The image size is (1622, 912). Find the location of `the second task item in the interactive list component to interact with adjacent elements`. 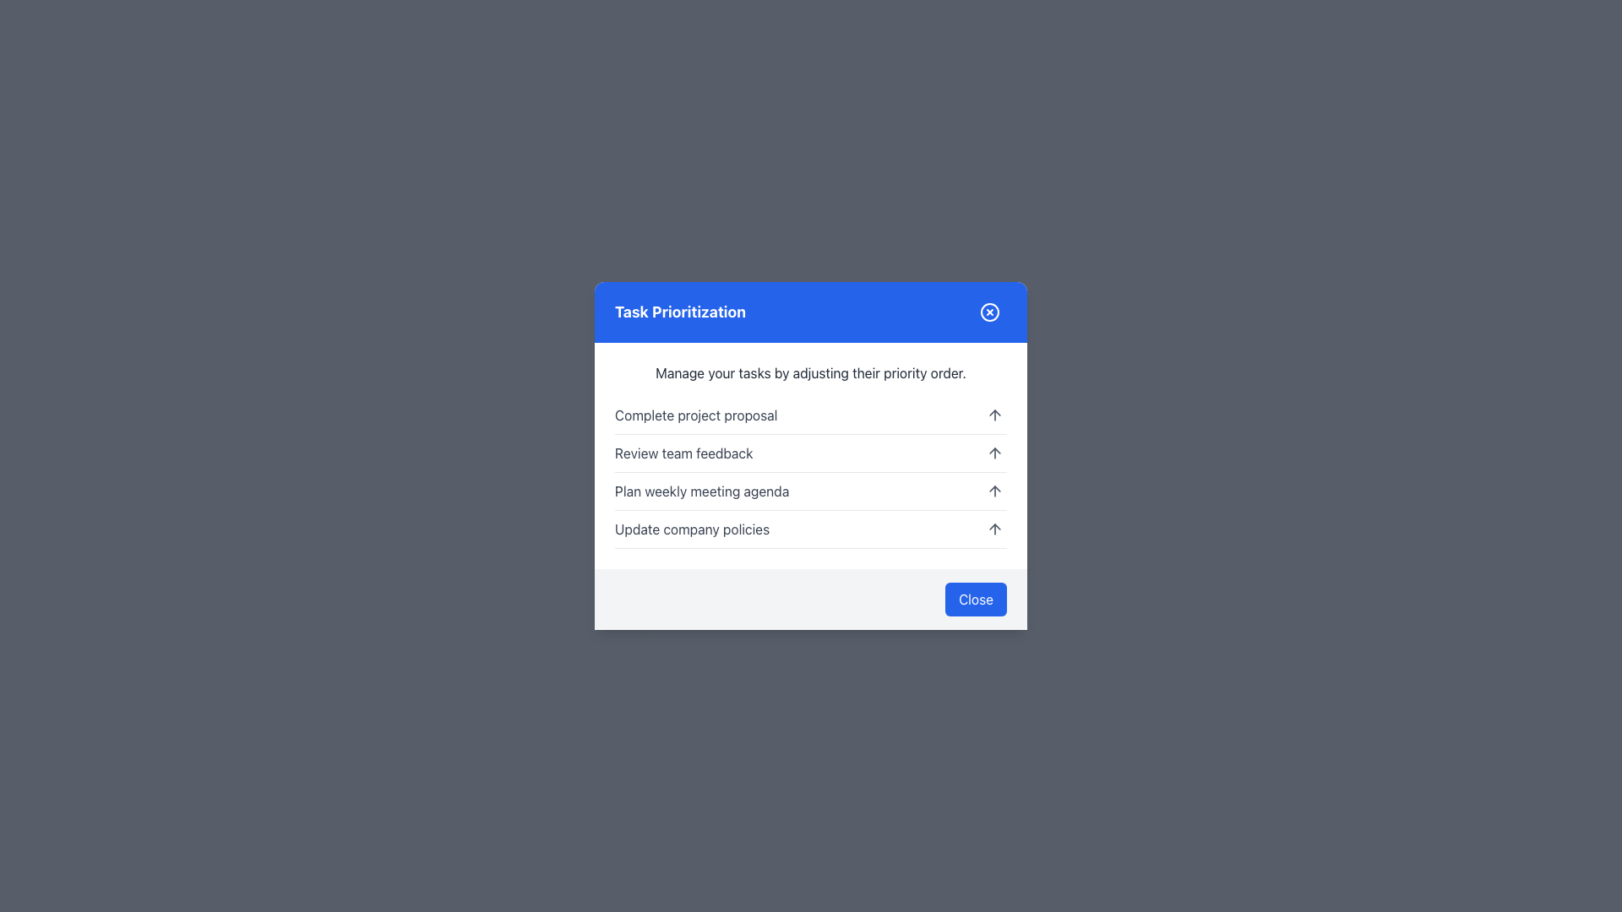

the second task item in the interactive list component to interact with adjacent elements is located at coordinates (811, 472).